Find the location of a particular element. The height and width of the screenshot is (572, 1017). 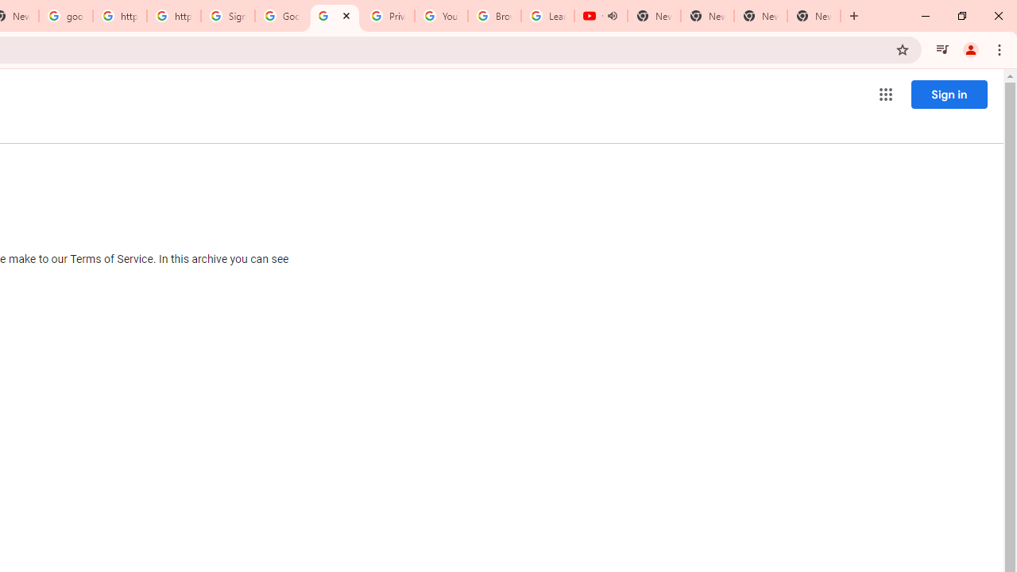

'YouTube' is located at coordinates (441, 16).